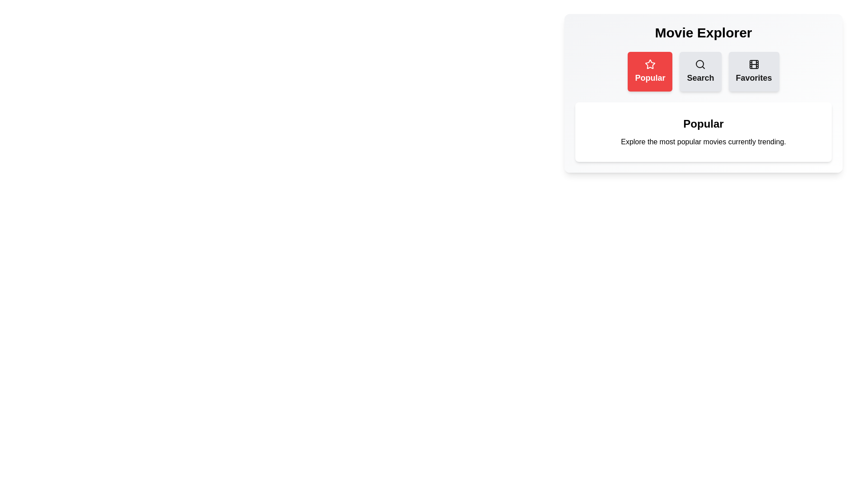 The height and width of the screenshot is (487, 867). Describe the element at coordinates (650, 71) in the screenshot. I see `the Popular tab by clicking on its button` at that location.